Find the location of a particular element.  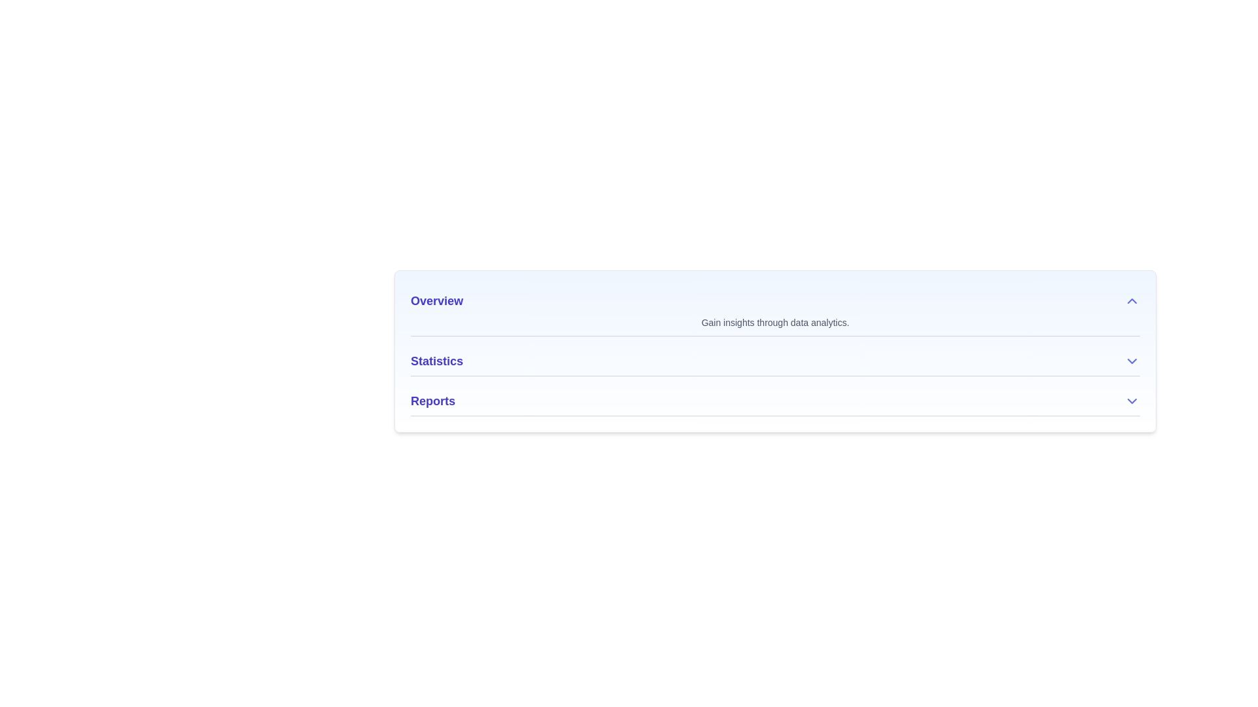

the 'Reports' text label is located at coordinates (433, 400).